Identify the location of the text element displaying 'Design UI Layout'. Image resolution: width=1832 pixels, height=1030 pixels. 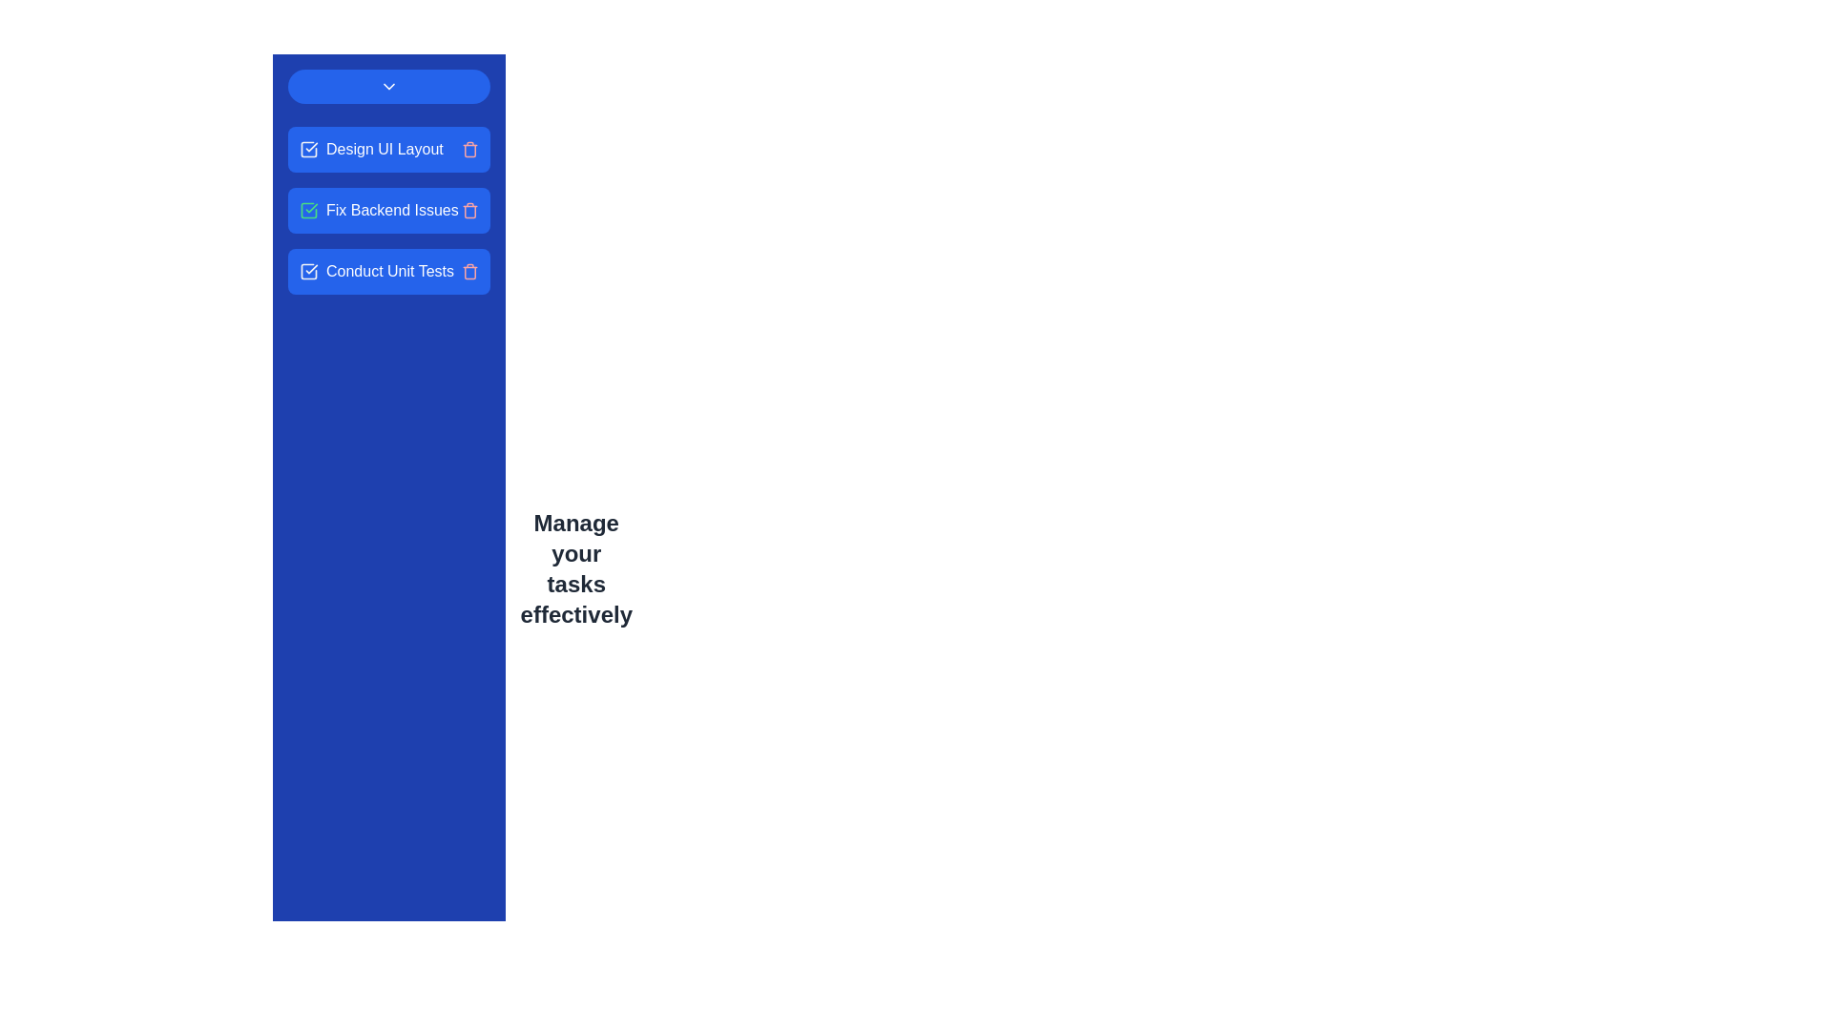
(384, 149).